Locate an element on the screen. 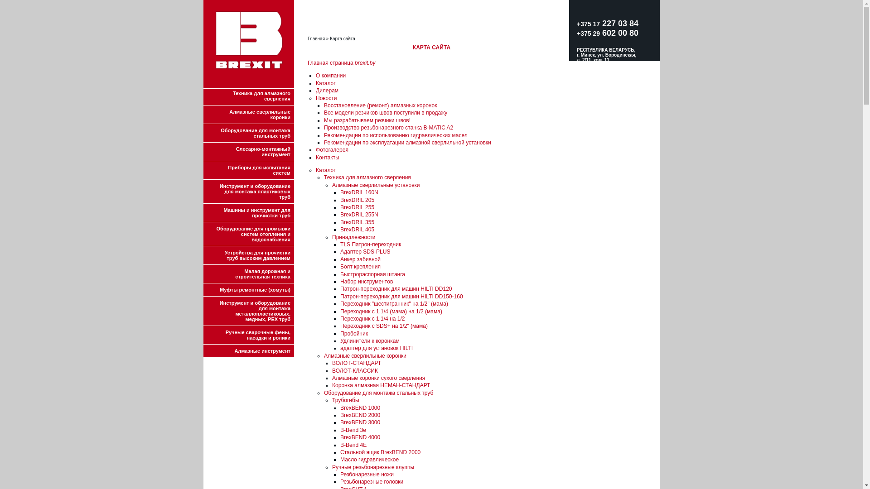 This screenshot has width=870, height=489. 'BrexDRIL 405' is located at coordinates (357, 229).